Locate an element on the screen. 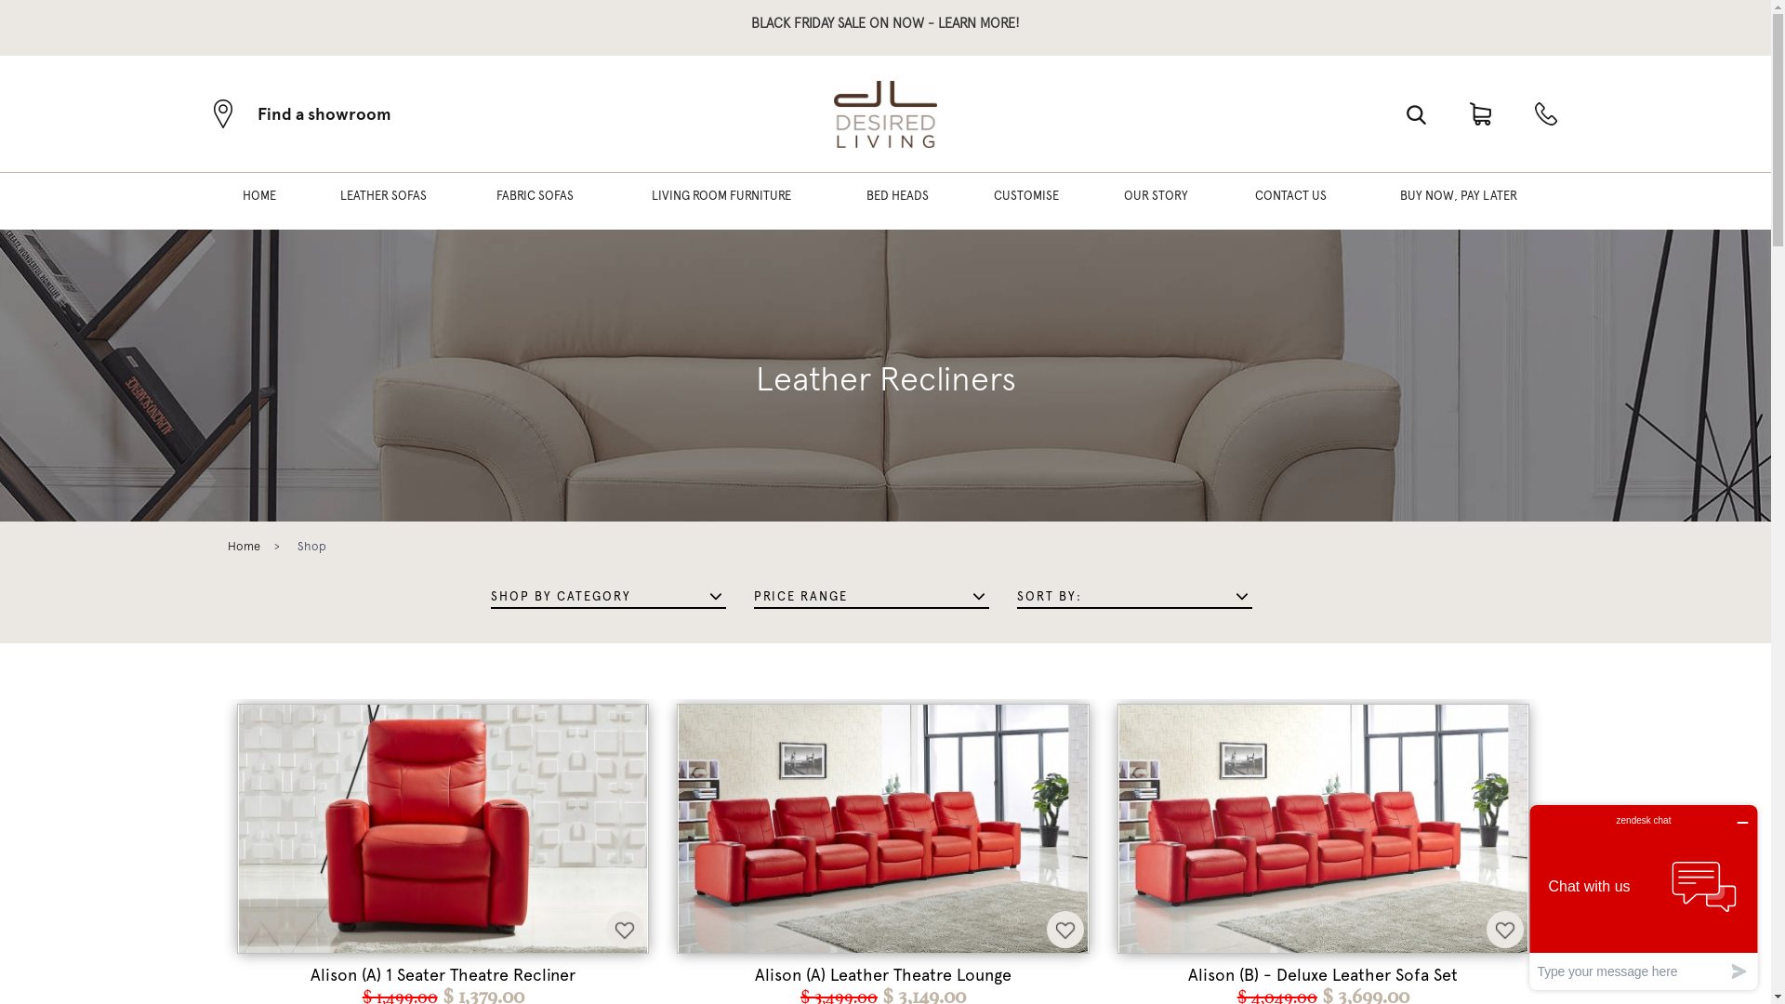  'CUSTOMISE' is located at coordinates (1025, 201).